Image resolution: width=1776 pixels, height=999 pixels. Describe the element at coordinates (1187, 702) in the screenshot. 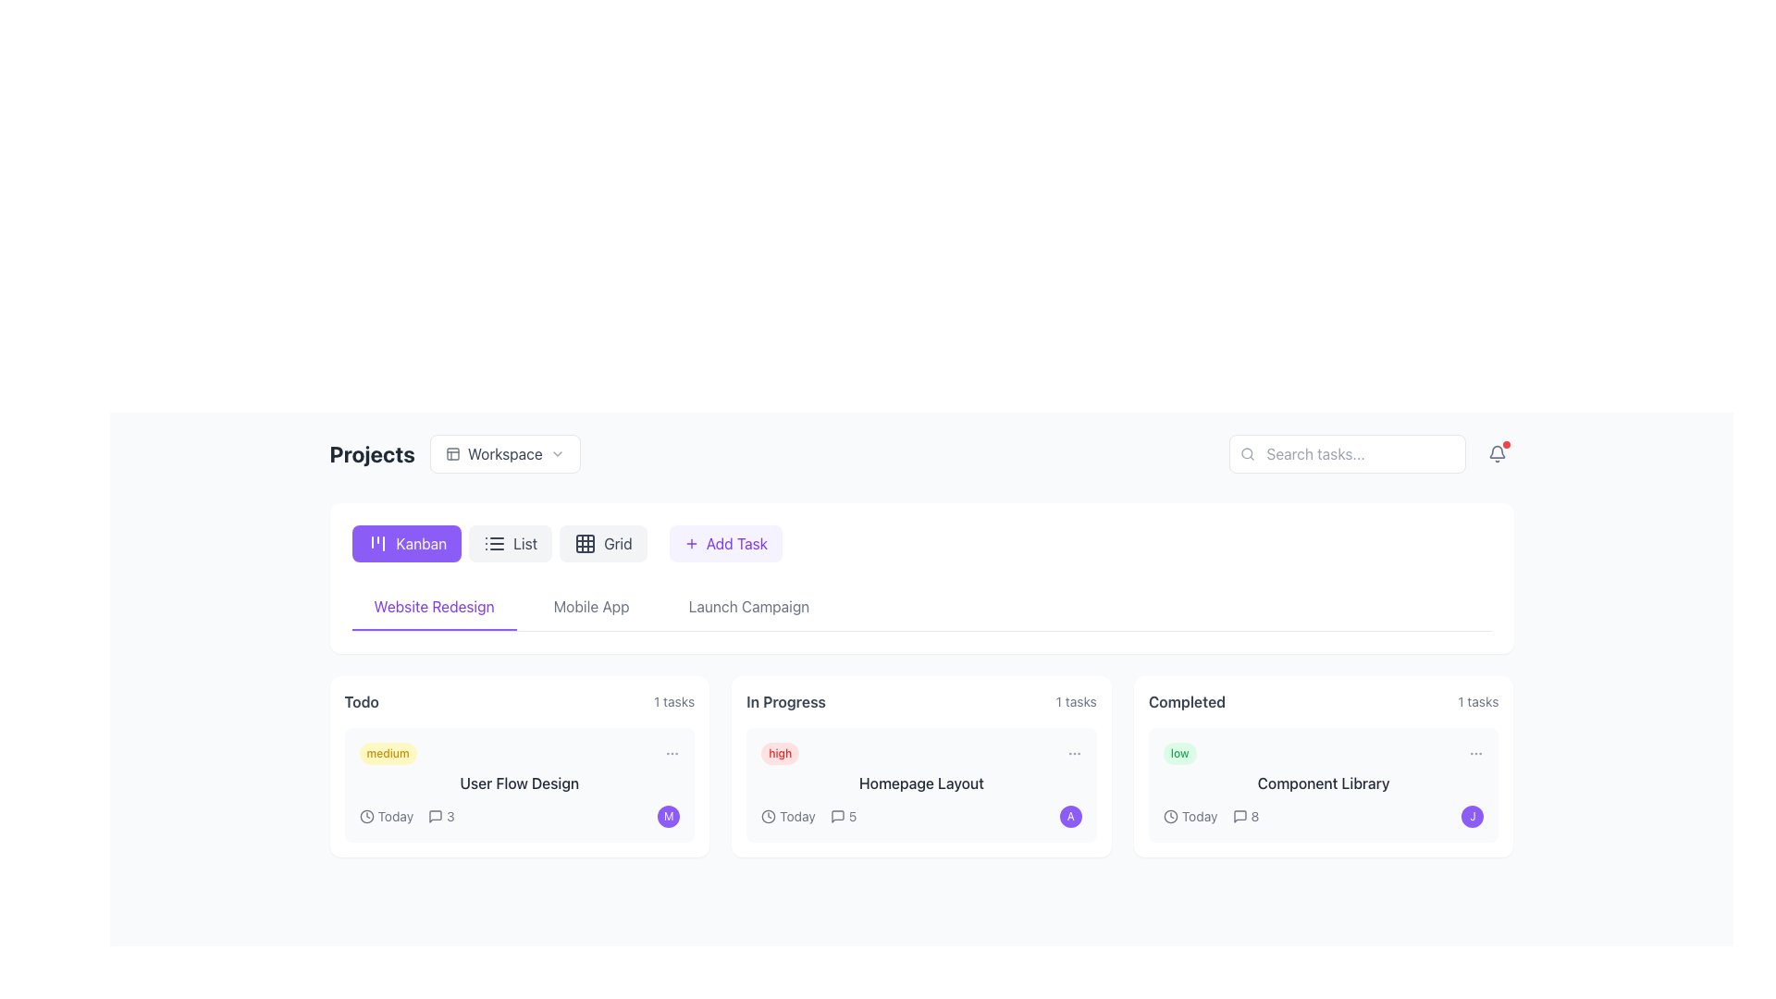

I see `the 'Completed' text label, which indicates the status of the associated content within the card, located in the top-left corner of the card component` at that location.